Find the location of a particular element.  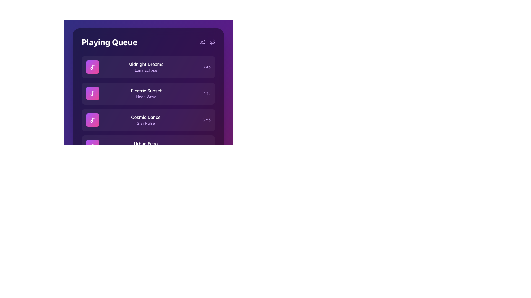

the rightmost icon in the horizontal row of icons at the top-right corner of the 'Playing Queue' is located at coordinates (212, 42).